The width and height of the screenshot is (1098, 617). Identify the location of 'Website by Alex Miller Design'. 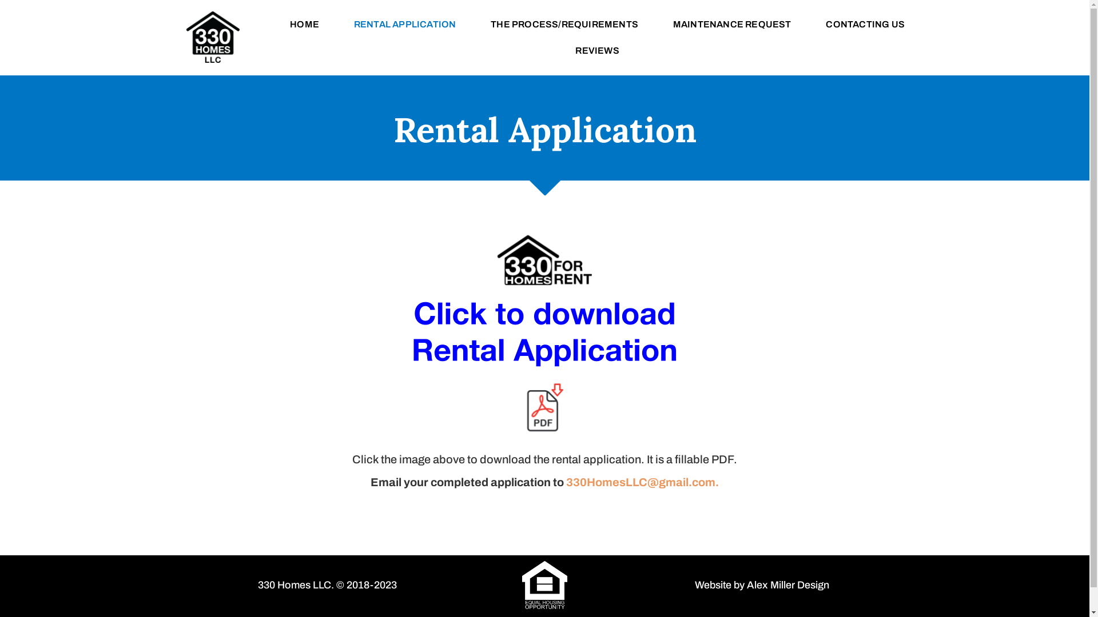
(762, 584).